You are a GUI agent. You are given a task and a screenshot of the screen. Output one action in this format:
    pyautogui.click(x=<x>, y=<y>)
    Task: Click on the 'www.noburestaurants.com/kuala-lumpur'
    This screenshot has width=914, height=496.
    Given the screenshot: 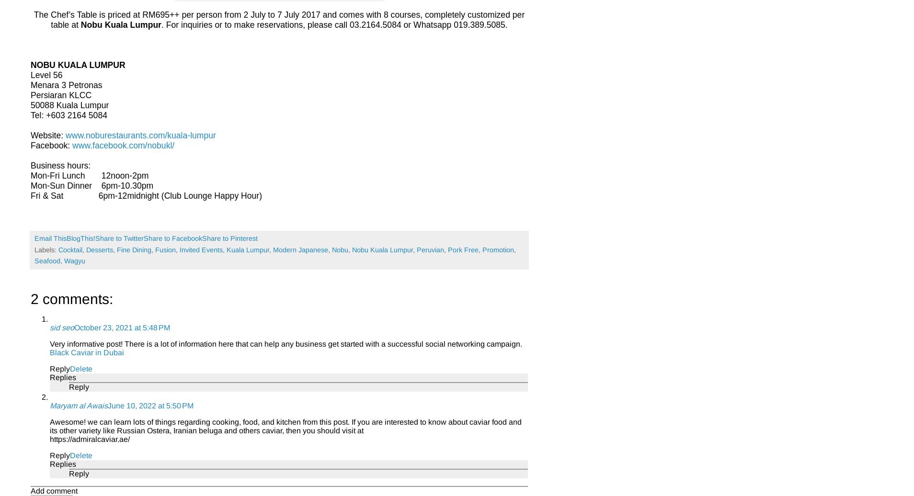 What is the action you would take?
    pyautogui.click(x=140, y=135)
    